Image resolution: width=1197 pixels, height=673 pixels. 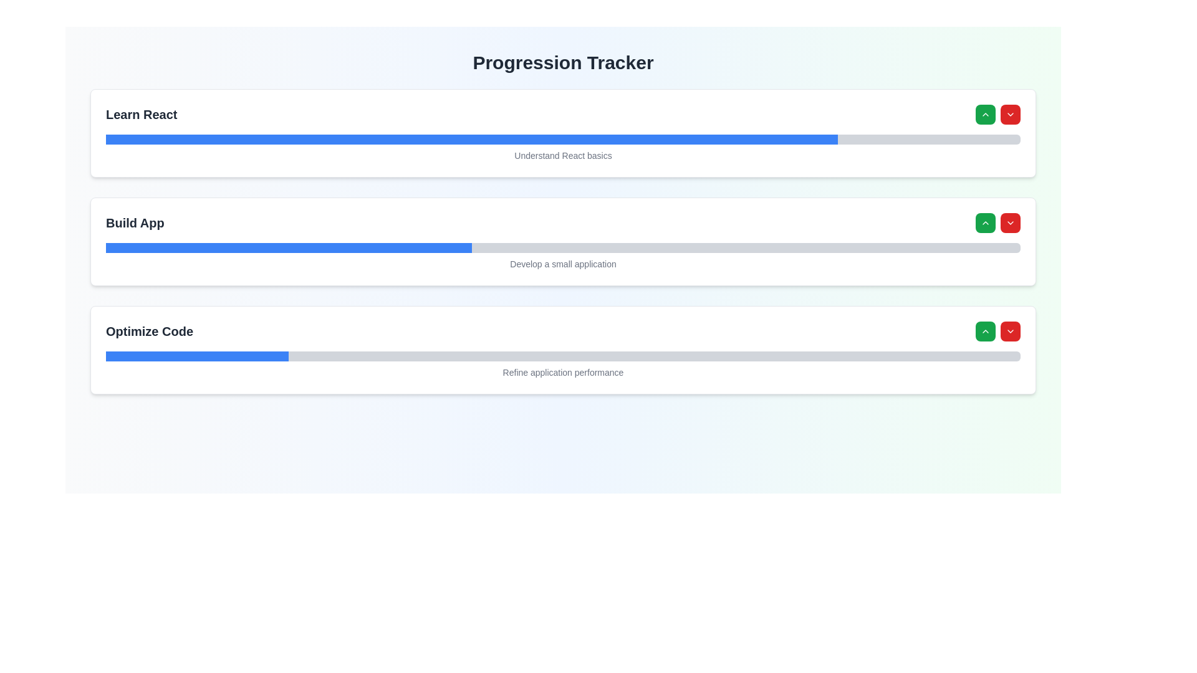 I want to click on the blue progress indicator located within the bottom progress bar under the section titled 'Optimize Code', which spans 20% of the width of the gray bar, so click(x=196, y=356).